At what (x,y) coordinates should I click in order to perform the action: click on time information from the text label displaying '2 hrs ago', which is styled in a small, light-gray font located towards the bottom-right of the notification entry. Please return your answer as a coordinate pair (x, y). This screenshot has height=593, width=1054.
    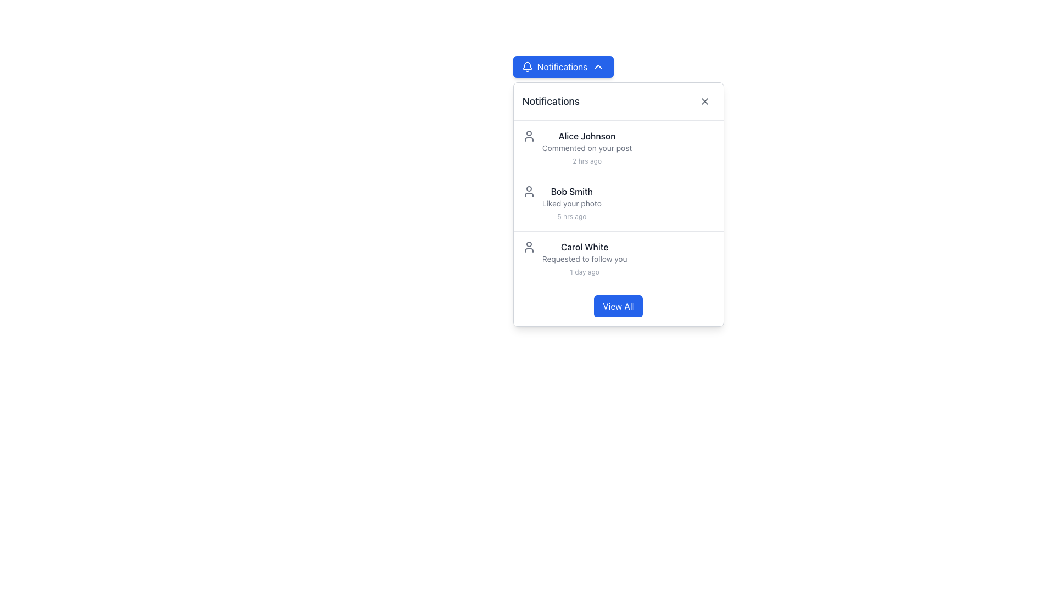
    Looking at the image, I should click on (586, 161).